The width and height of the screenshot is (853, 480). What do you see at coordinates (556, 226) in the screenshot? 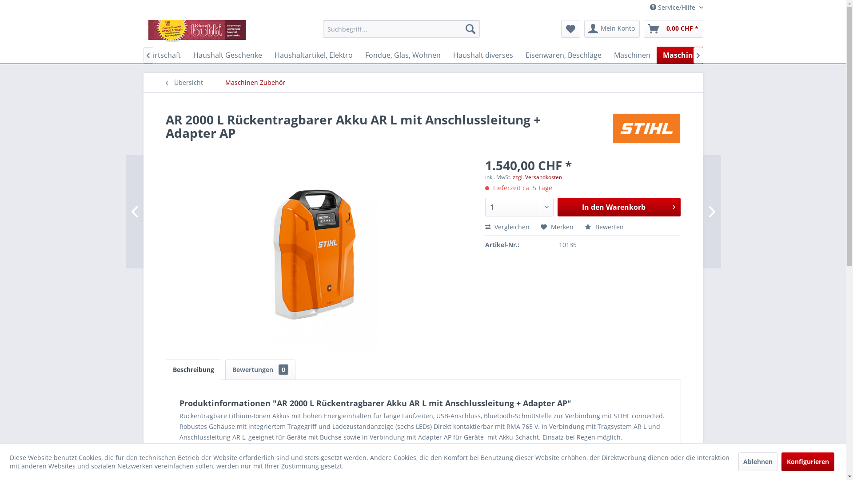
I see `'Merken'` at bounding box center [556, 226].